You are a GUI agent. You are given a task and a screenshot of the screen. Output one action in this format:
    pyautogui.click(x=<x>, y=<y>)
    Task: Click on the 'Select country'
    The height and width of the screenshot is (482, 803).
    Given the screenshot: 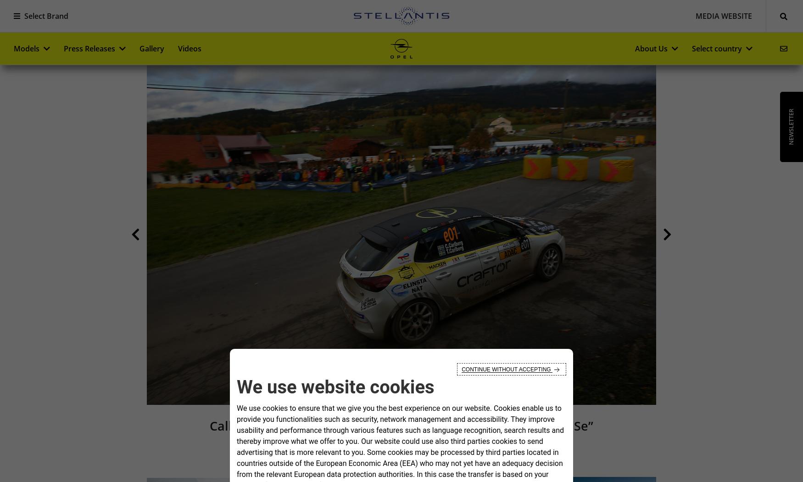 What is the action you would take?
    pyautogui.click(x=703, y=49)
    